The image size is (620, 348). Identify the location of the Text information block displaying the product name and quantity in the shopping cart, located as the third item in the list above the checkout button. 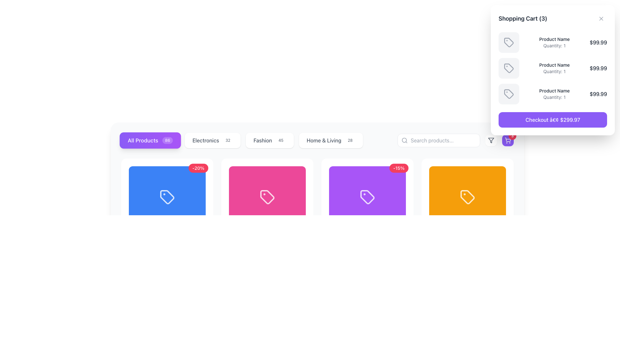
(554, 94).